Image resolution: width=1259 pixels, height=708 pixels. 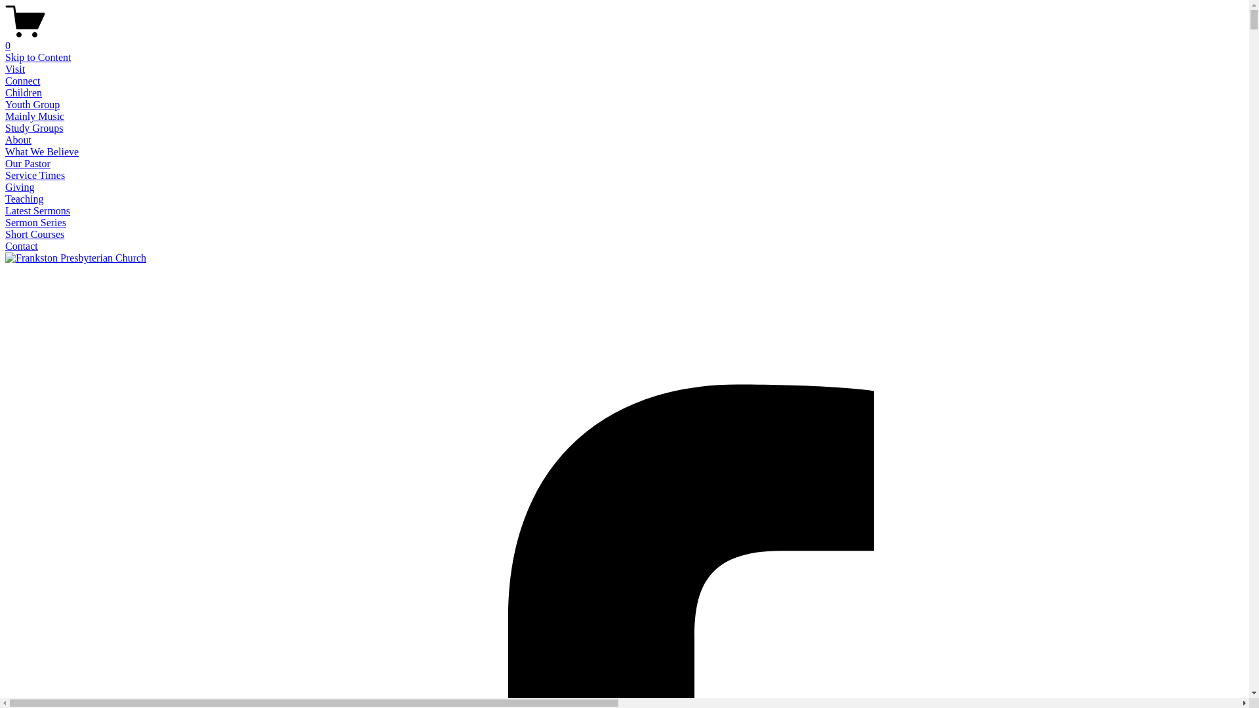 What do you see at coordinates (41, 151) in the screenshot?
I see `'What We Believe'` at bounding box center [41, 151].